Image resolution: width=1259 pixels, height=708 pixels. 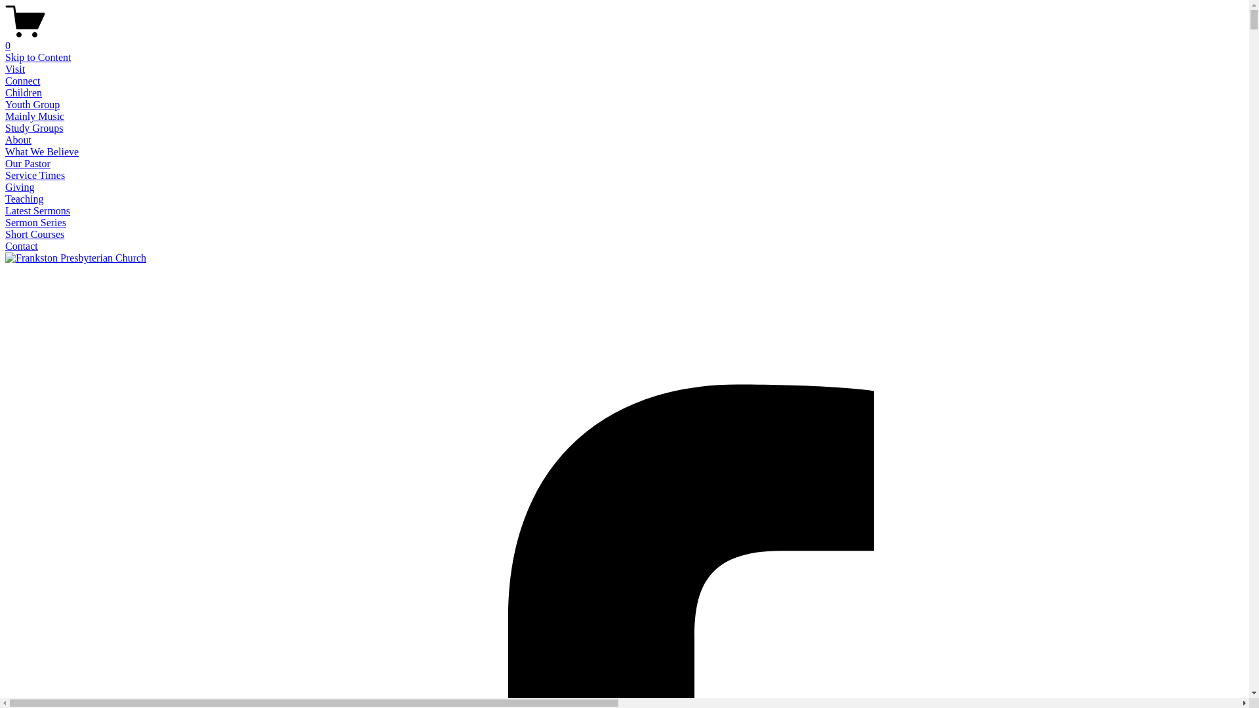 What do you see at coordinates (41, 151) in the screenshot?
I see `'What We Believe'` at bounding box center [41, 151].